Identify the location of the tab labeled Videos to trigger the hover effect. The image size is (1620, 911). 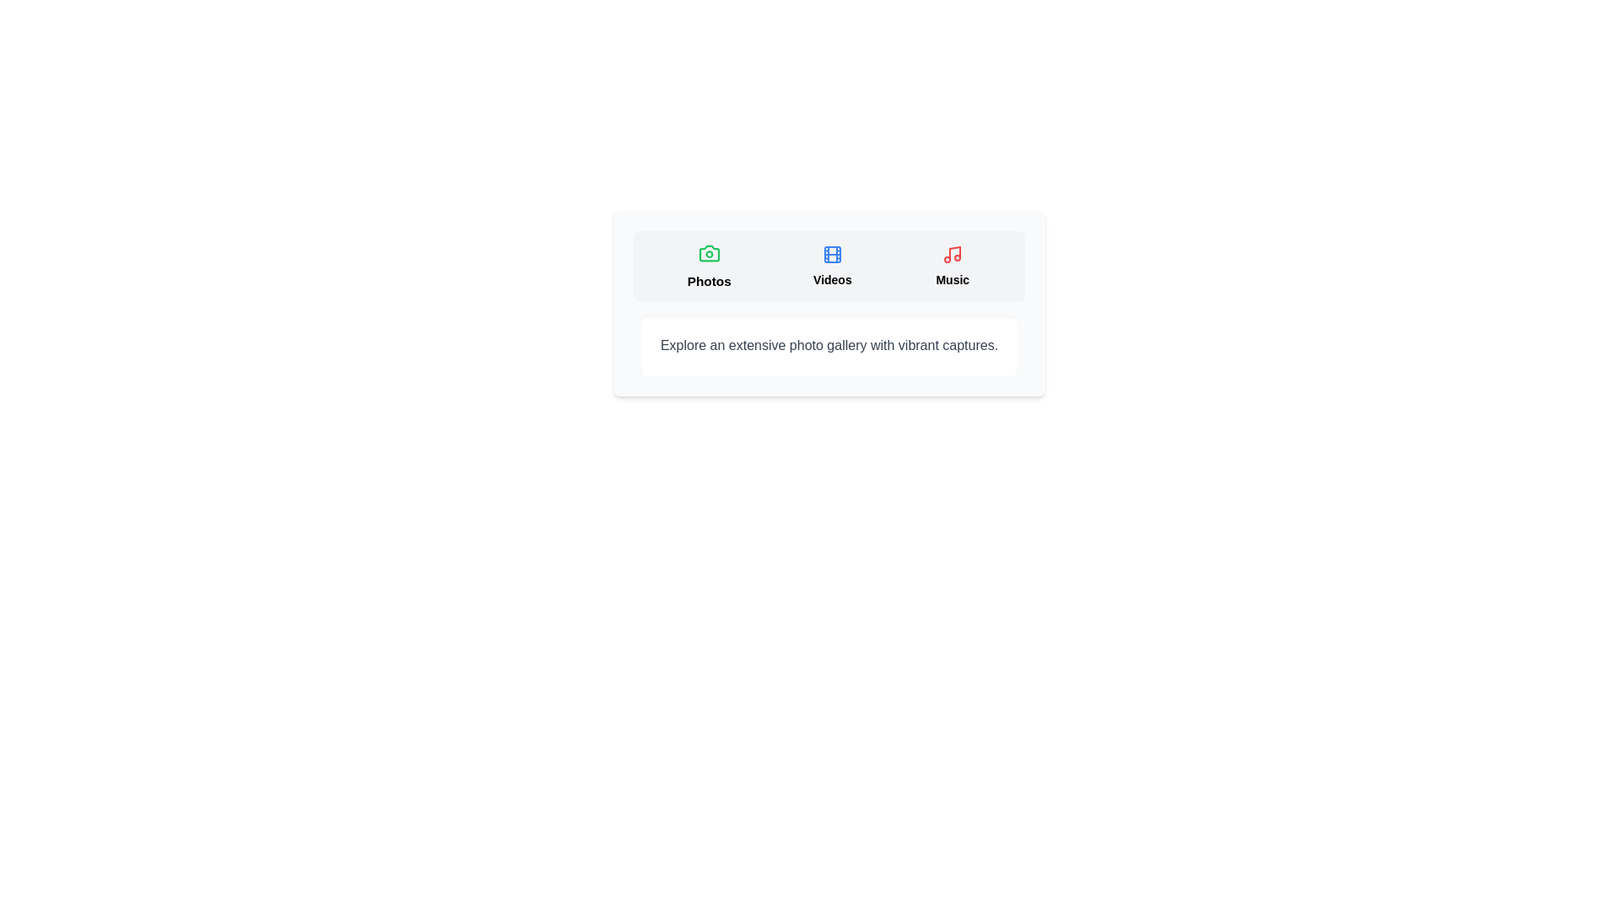
(832, 266).